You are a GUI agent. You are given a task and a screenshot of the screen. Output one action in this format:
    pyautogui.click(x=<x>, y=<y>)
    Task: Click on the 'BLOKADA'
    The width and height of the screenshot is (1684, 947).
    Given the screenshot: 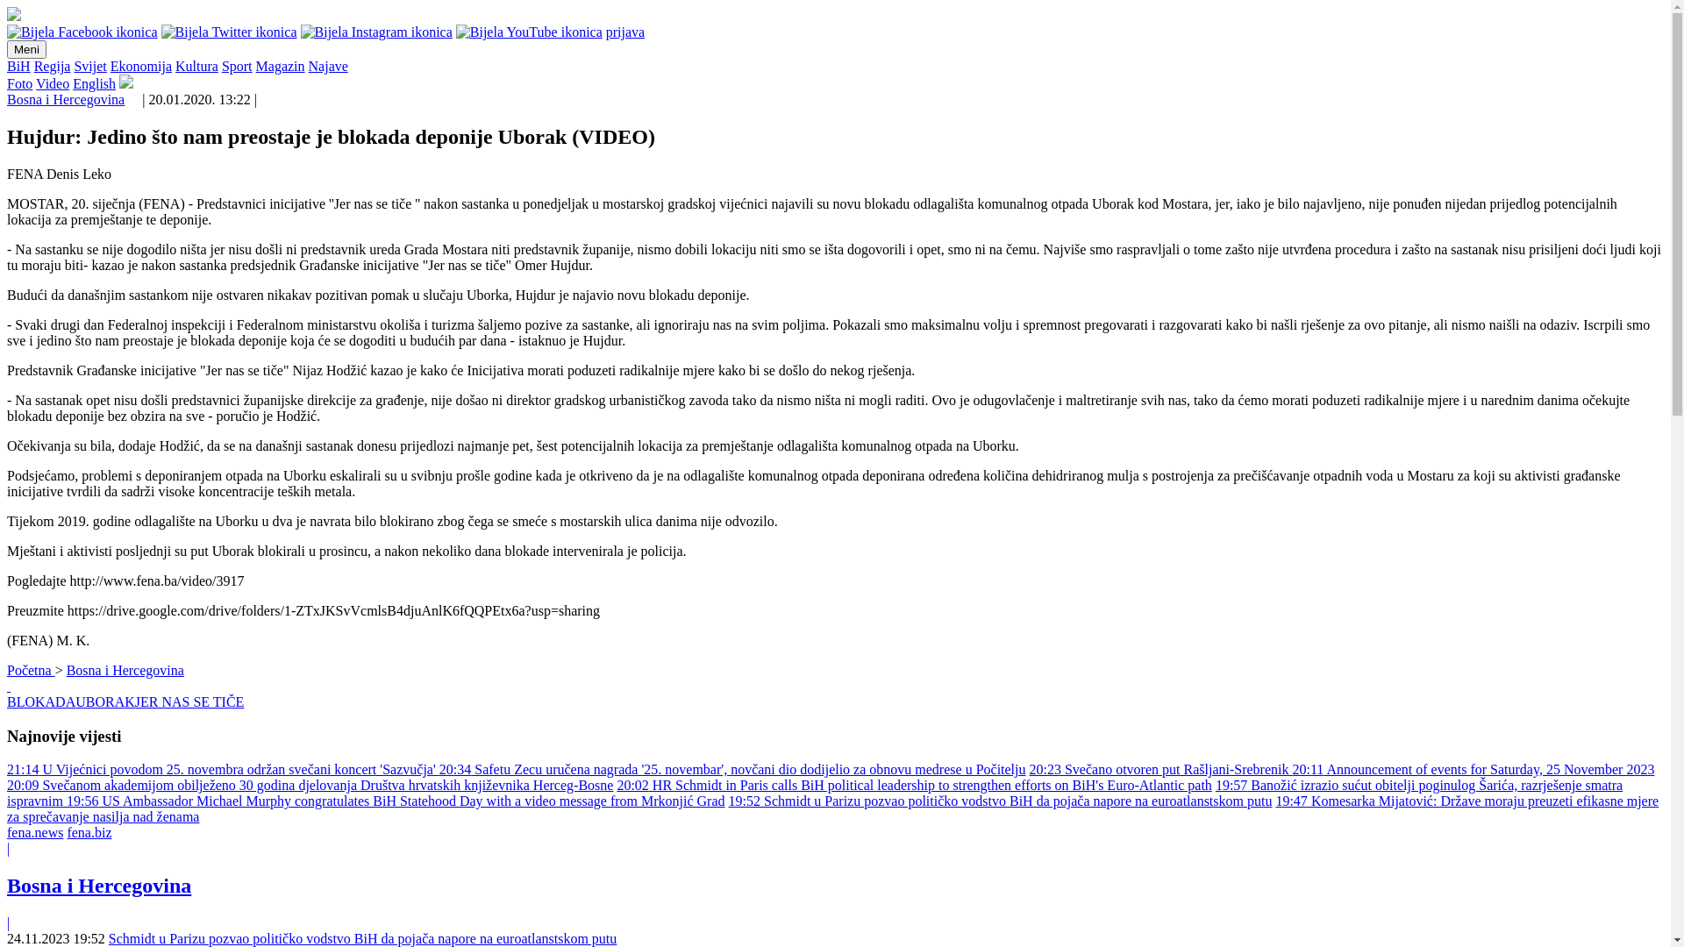 What is the action you would take?
    pyautogui.click(x=41, y=701)
    